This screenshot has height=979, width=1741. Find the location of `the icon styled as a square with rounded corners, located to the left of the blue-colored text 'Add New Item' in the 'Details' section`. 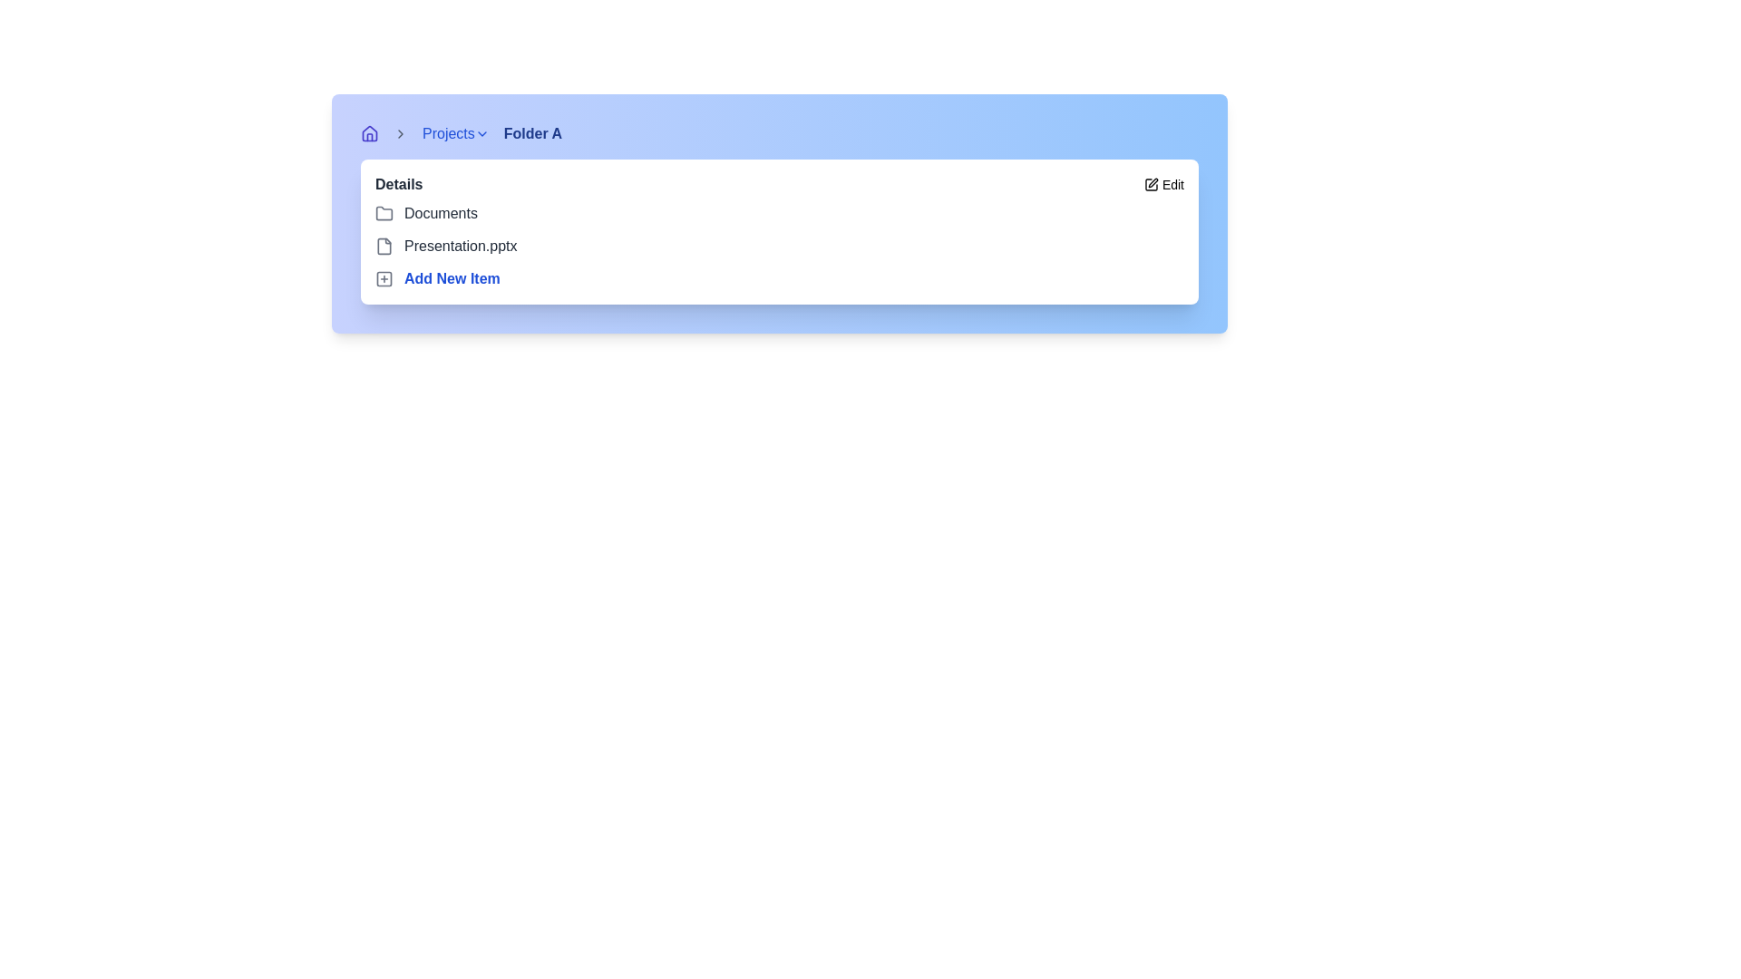

the icon styled as a square with rounded corners, located to the left of the blue-colored text 'Add New Item' in the 'Details' section is located at coordinates (383, 279).